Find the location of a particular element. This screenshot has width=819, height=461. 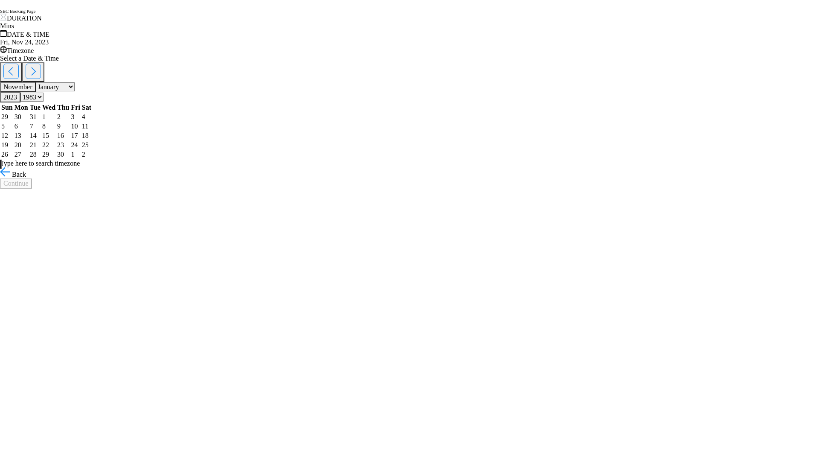

'2023' is located at coordinates (10, 96).